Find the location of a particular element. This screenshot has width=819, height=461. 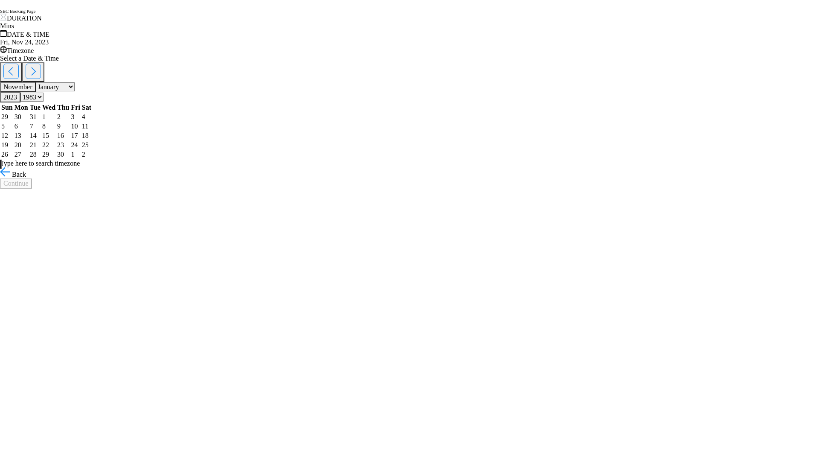

'2023' is located at coordinates (10, 96).